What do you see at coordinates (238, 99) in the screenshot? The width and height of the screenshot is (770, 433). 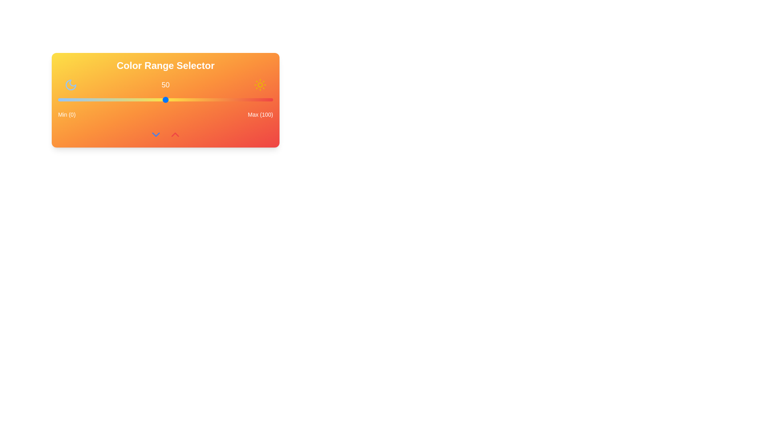 I see `the slider to set the value to 84` at bounding box center [238, 99].